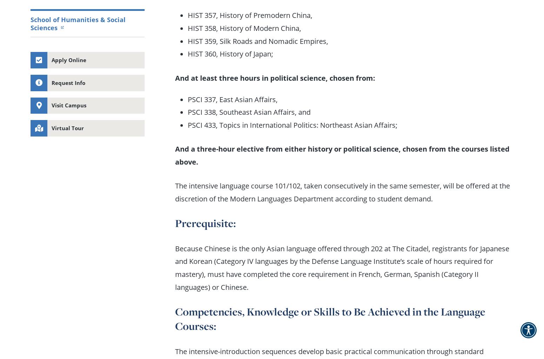 This screenshot has height=359, width=544. I want to click on 'HIST 358, History of Modern China,', so click(244, 28).